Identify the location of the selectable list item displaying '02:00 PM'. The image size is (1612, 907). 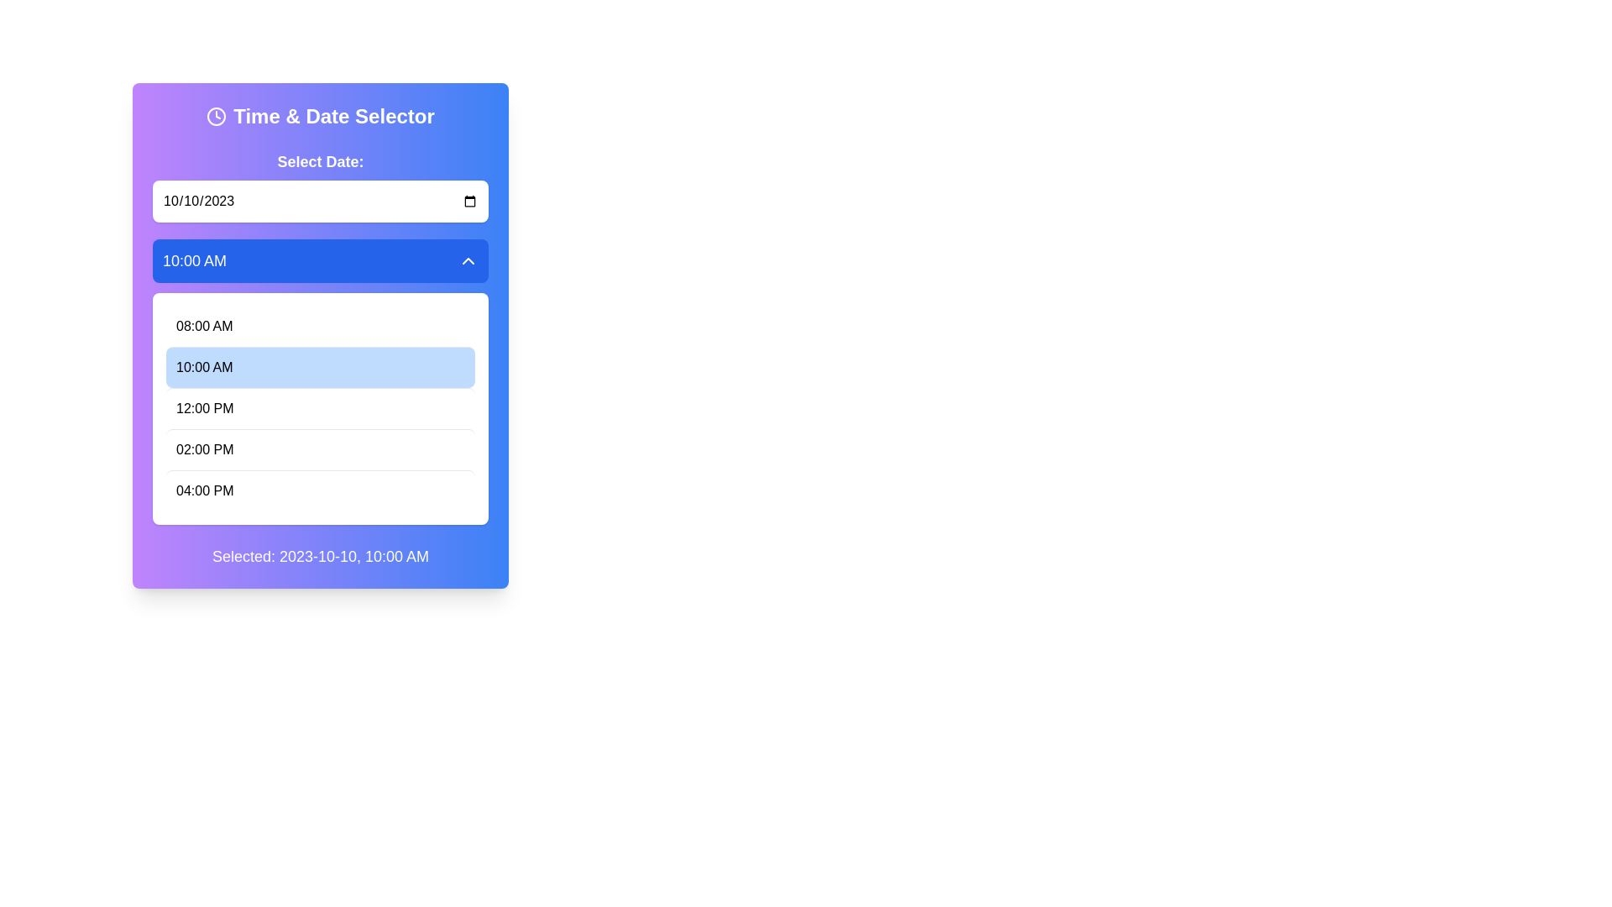
(321, 448).